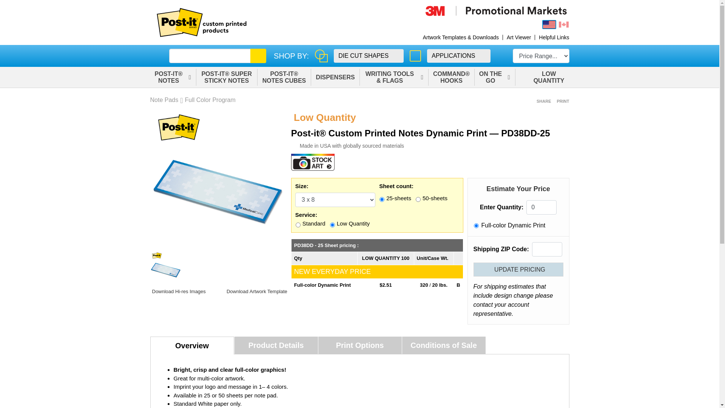 This screenshot has width=725, height=408. I want to click on 'Artwork Templates & Downloads', so click(460, 37).